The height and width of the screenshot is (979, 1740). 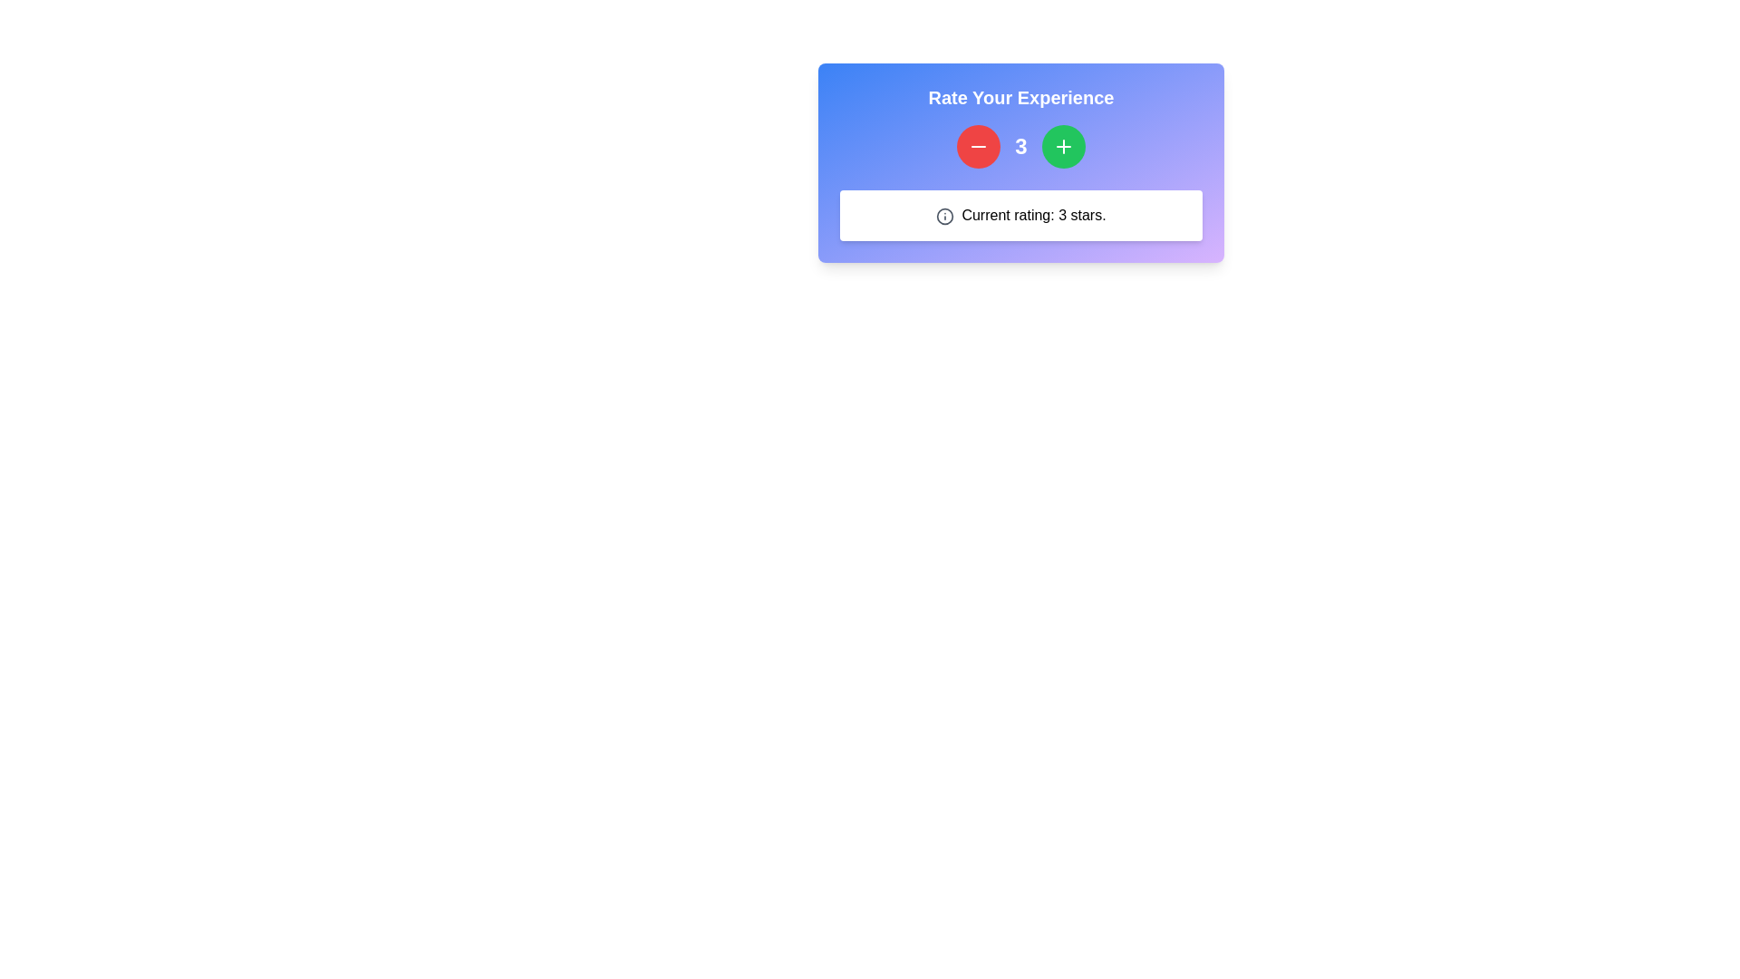 I want to click on the circular red button with a minus symbol, so click(x=978, y=146).